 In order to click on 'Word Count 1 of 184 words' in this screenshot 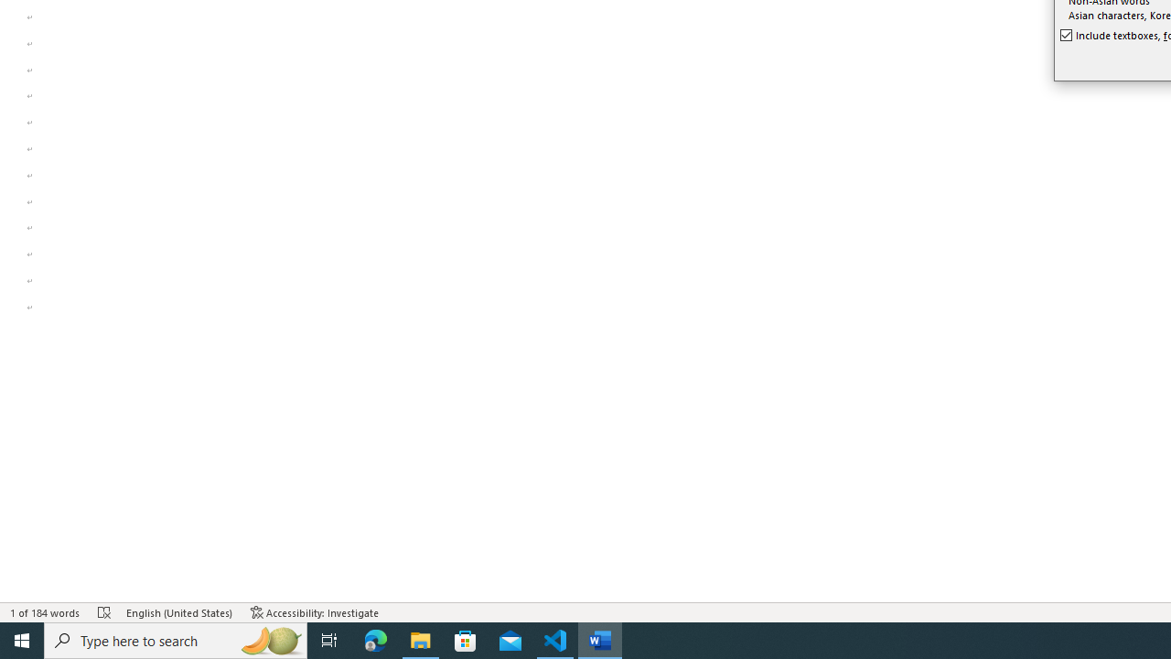, I will do `click(45, 612)`.